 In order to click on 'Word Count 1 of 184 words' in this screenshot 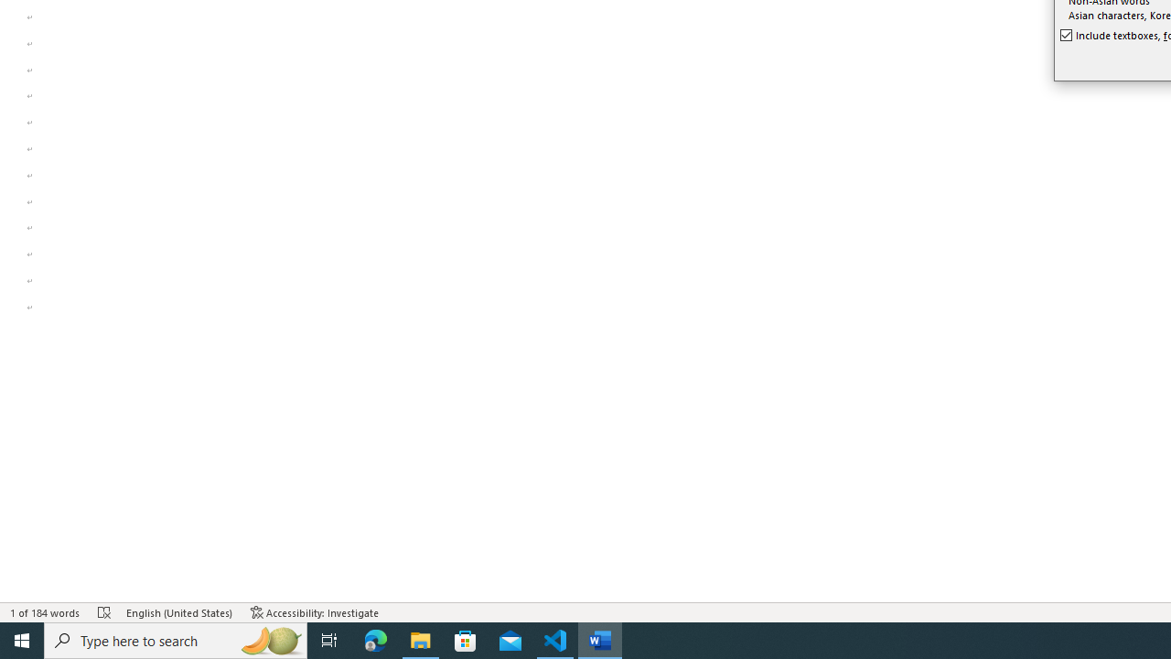, I will do `click(45, 612)`.